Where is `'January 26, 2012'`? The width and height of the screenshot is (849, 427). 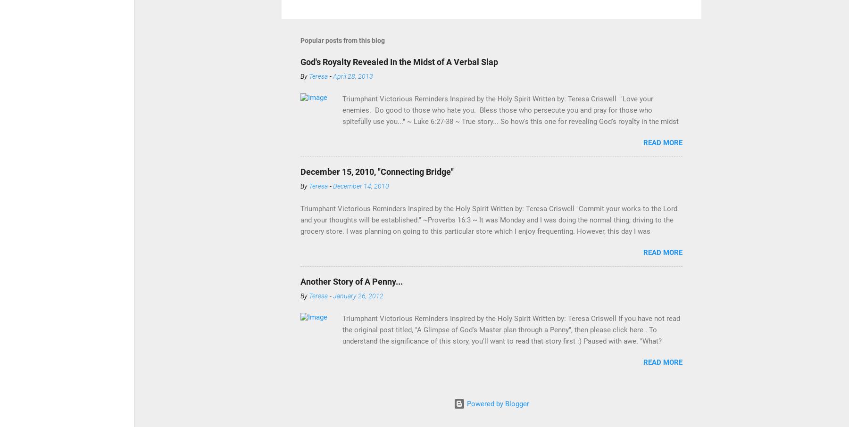 'January 26, 2012' is located at coordinates (358, 296).